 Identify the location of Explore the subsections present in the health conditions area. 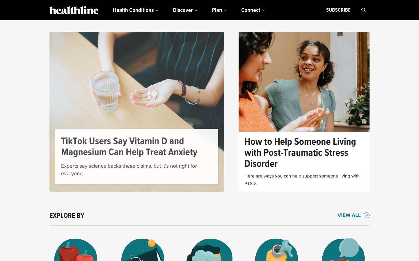
(135, 10).